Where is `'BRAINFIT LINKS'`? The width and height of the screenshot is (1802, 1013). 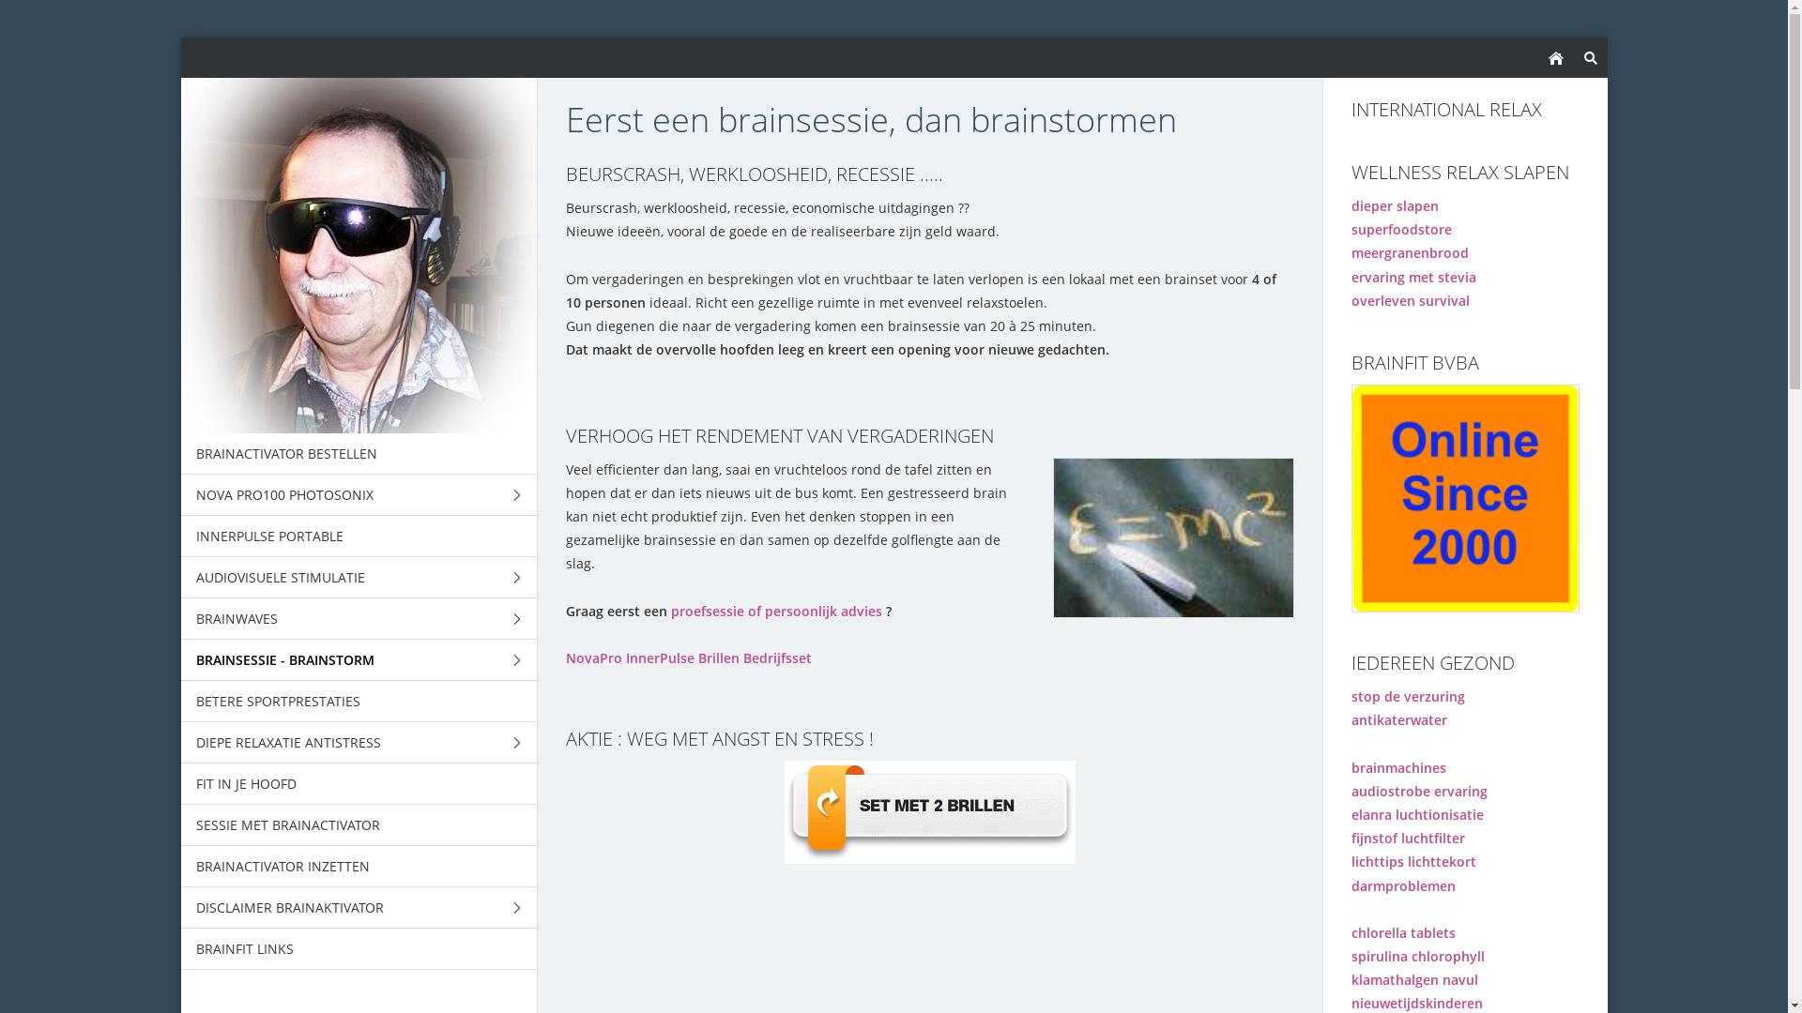 'BRAINFIT LINKS' is located at coordinates (358, 948).